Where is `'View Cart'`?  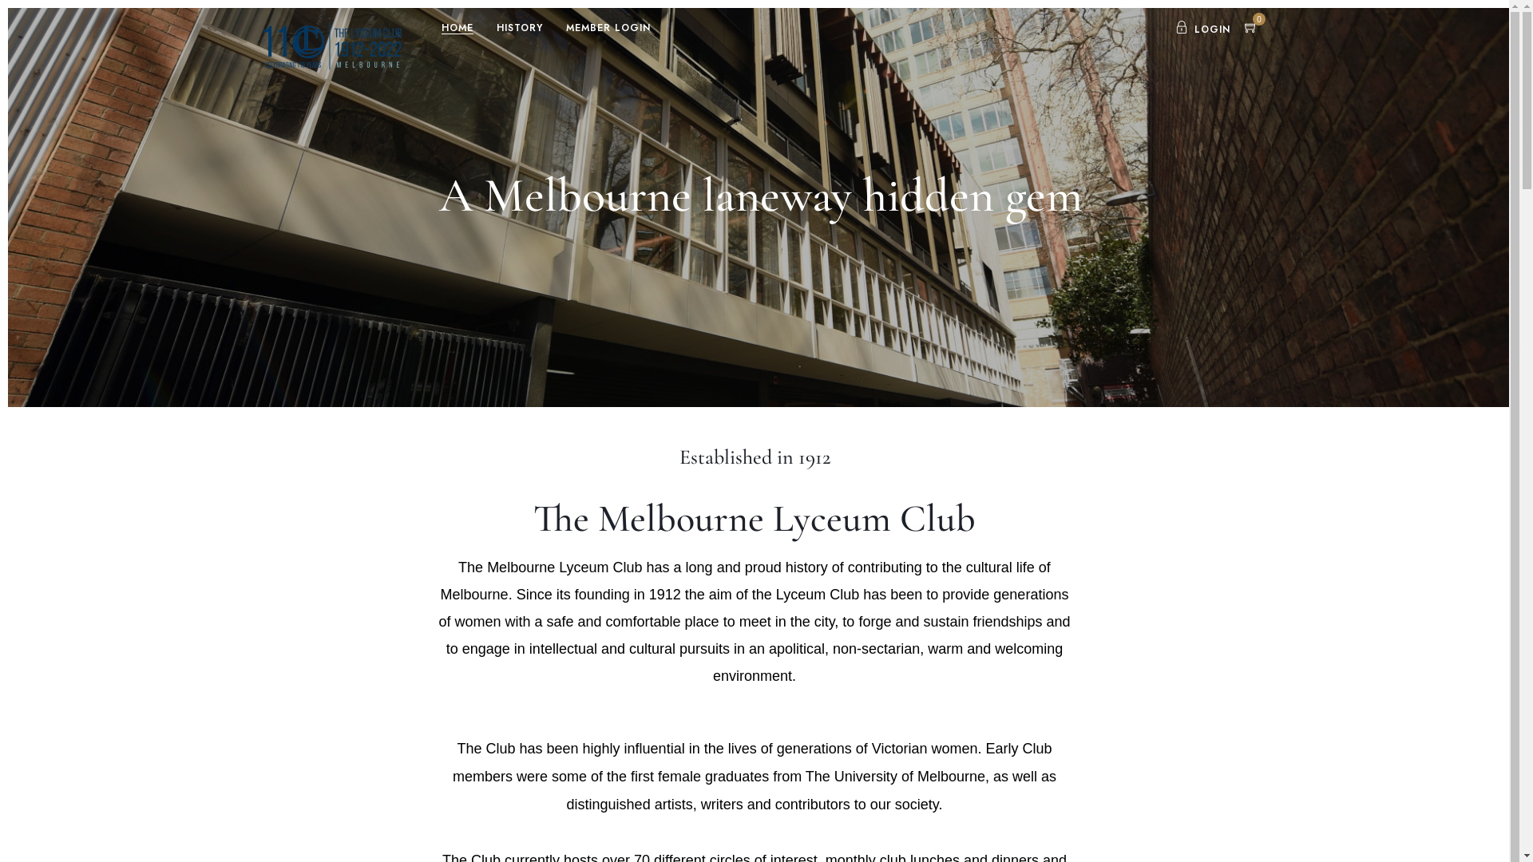 'View Cart' is located at coordinates (1250, 30).